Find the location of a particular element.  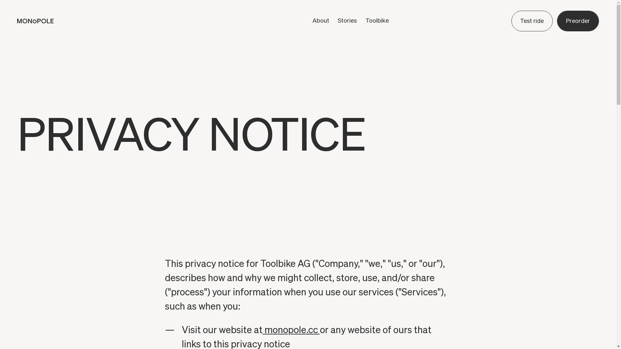

'Test ride' is located at coordinates (511, 21).